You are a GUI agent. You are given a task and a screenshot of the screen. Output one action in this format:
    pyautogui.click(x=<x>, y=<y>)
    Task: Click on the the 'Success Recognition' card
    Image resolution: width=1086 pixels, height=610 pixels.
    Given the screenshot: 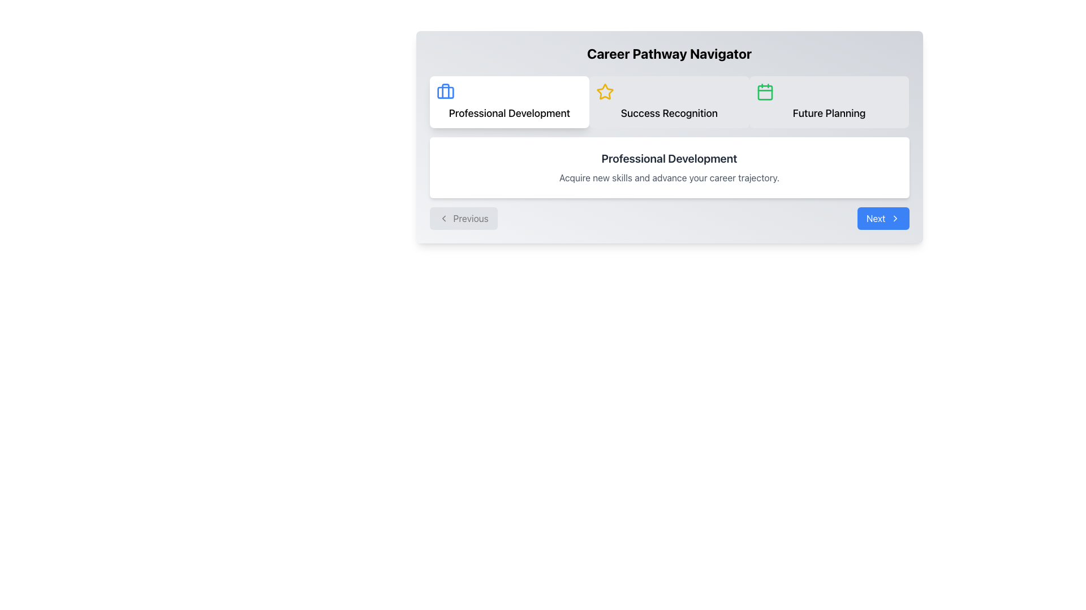 What is the action you would take?
    pyautogui.click(x=669, y=102)
    